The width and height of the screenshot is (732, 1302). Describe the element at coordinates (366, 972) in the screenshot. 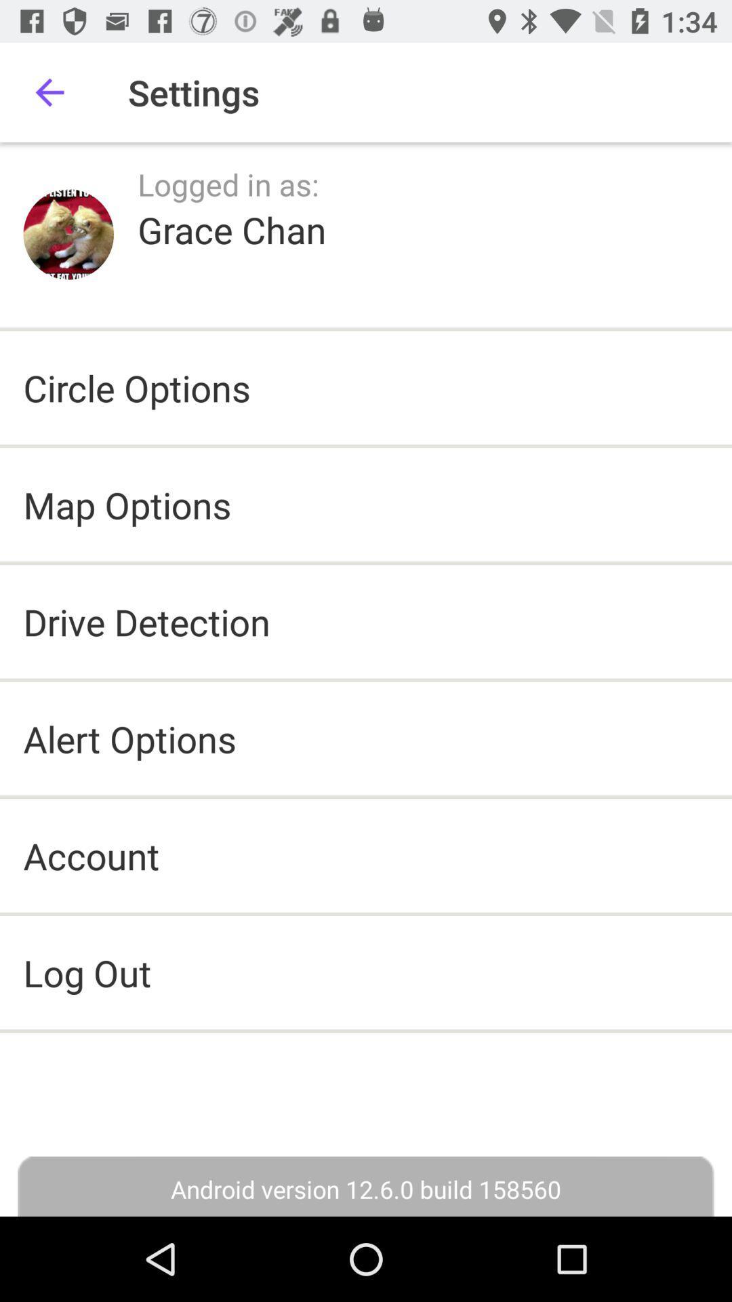

I see `log out` at that location.